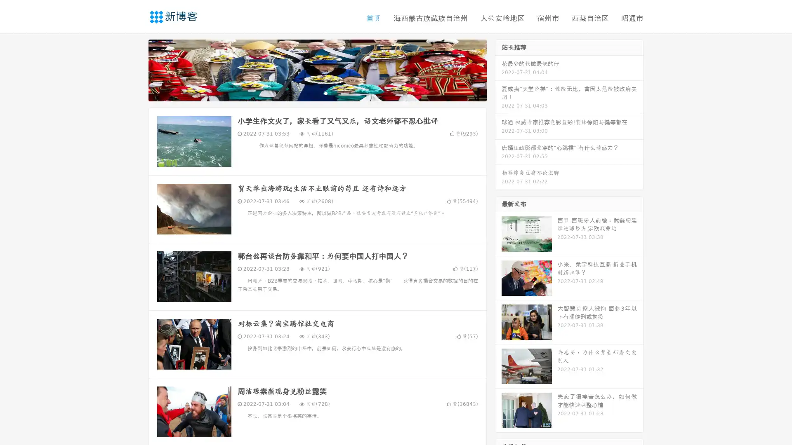 This screenshot has height=445, width=792. I want to click on Go to slide 2, so click(317, 93).